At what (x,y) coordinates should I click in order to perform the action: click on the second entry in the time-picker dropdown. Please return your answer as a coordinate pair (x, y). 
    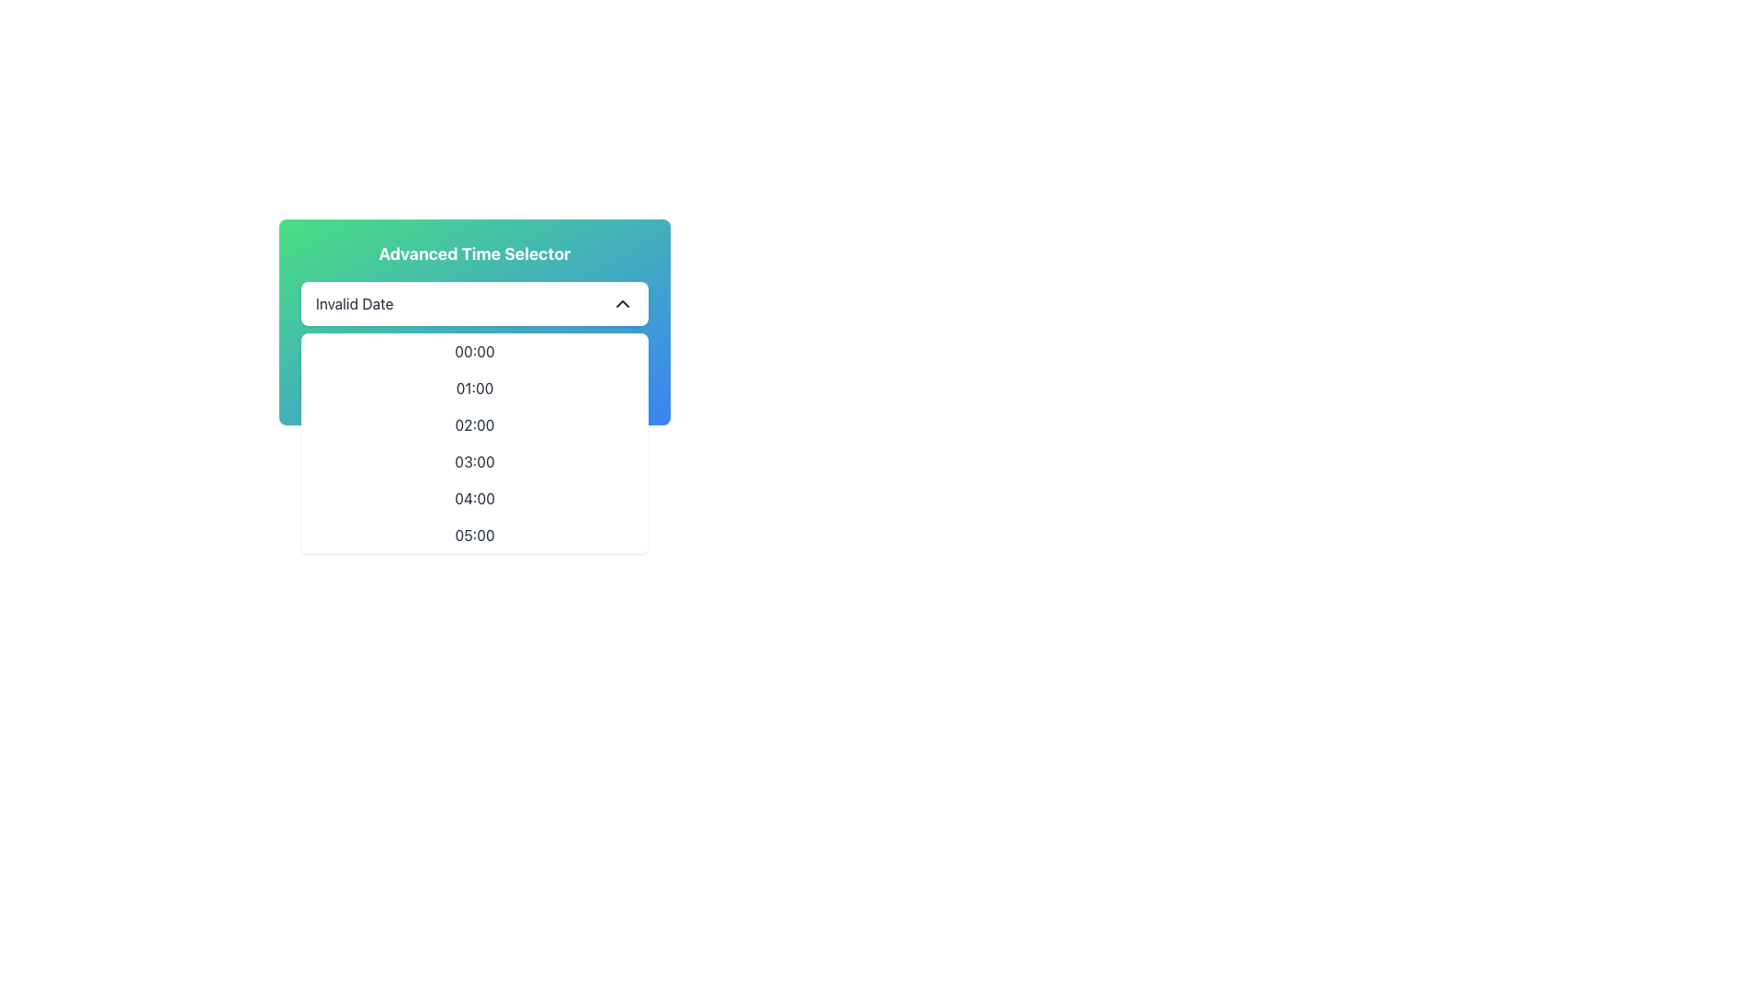
    Looking at the image, I should click on (475, 388).